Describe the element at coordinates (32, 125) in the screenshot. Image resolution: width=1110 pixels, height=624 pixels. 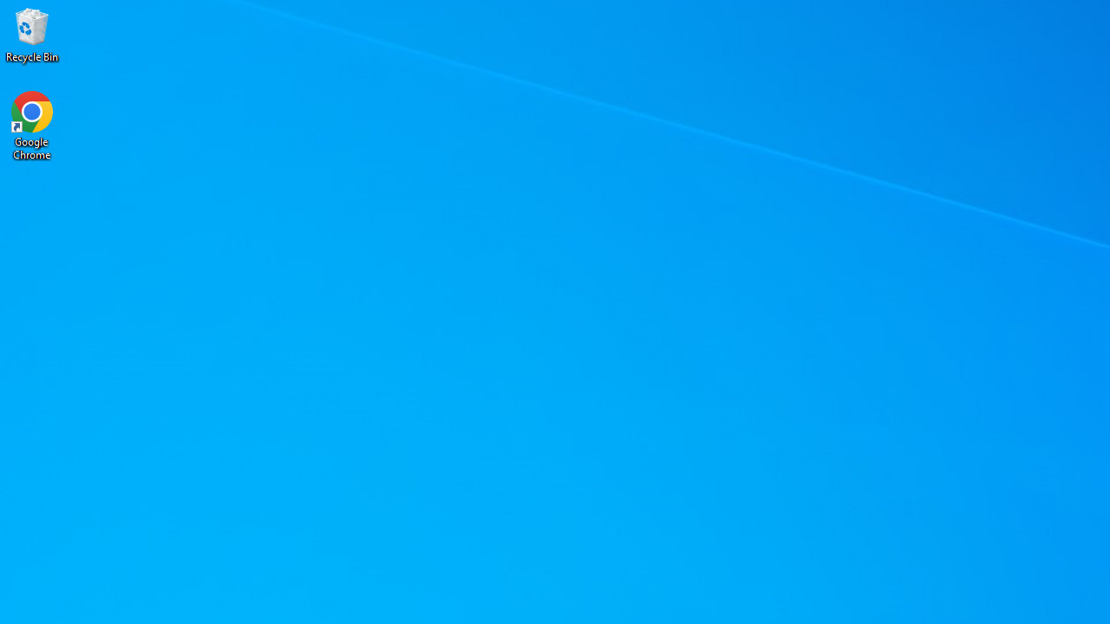
I see `'Google Chrome'` at that location.